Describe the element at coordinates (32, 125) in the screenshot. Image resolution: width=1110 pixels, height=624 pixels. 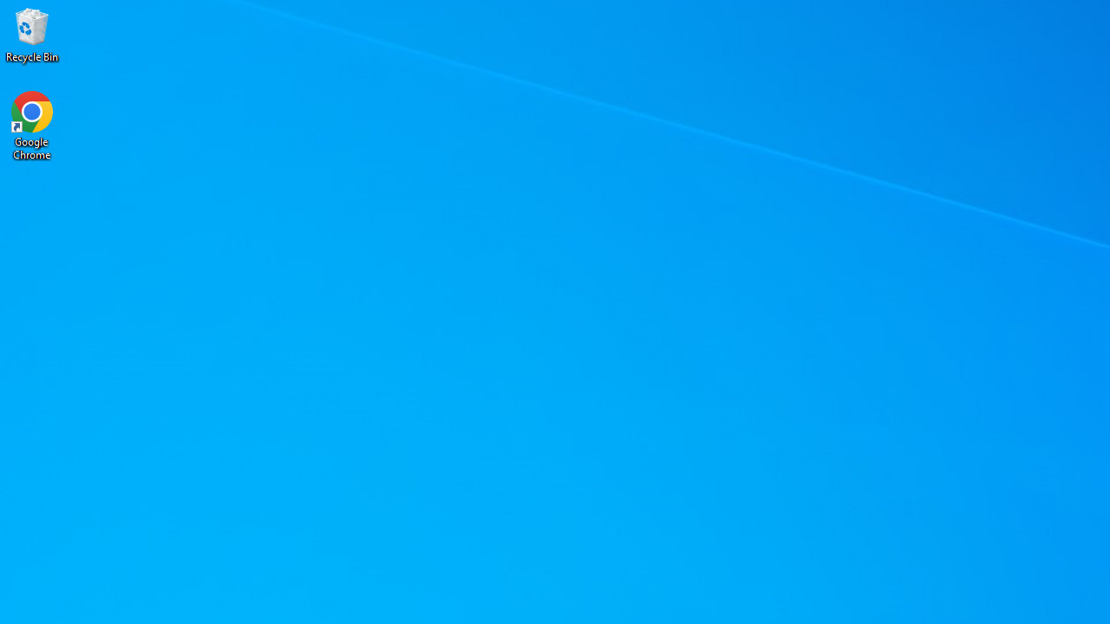
I see `'Google Chrome'` at that location.